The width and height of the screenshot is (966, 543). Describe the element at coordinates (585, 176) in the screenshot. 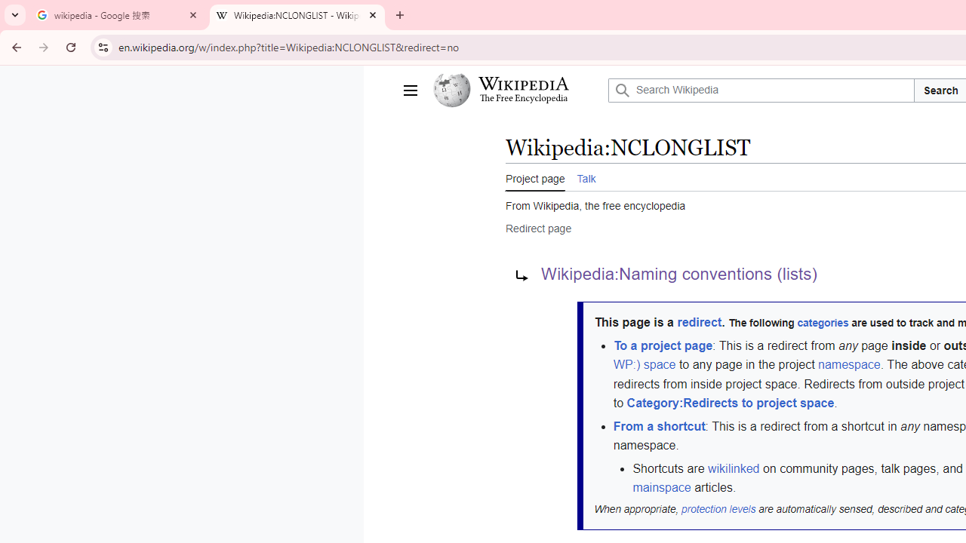

I see `'AutomationID: ca-talk'` at that location.